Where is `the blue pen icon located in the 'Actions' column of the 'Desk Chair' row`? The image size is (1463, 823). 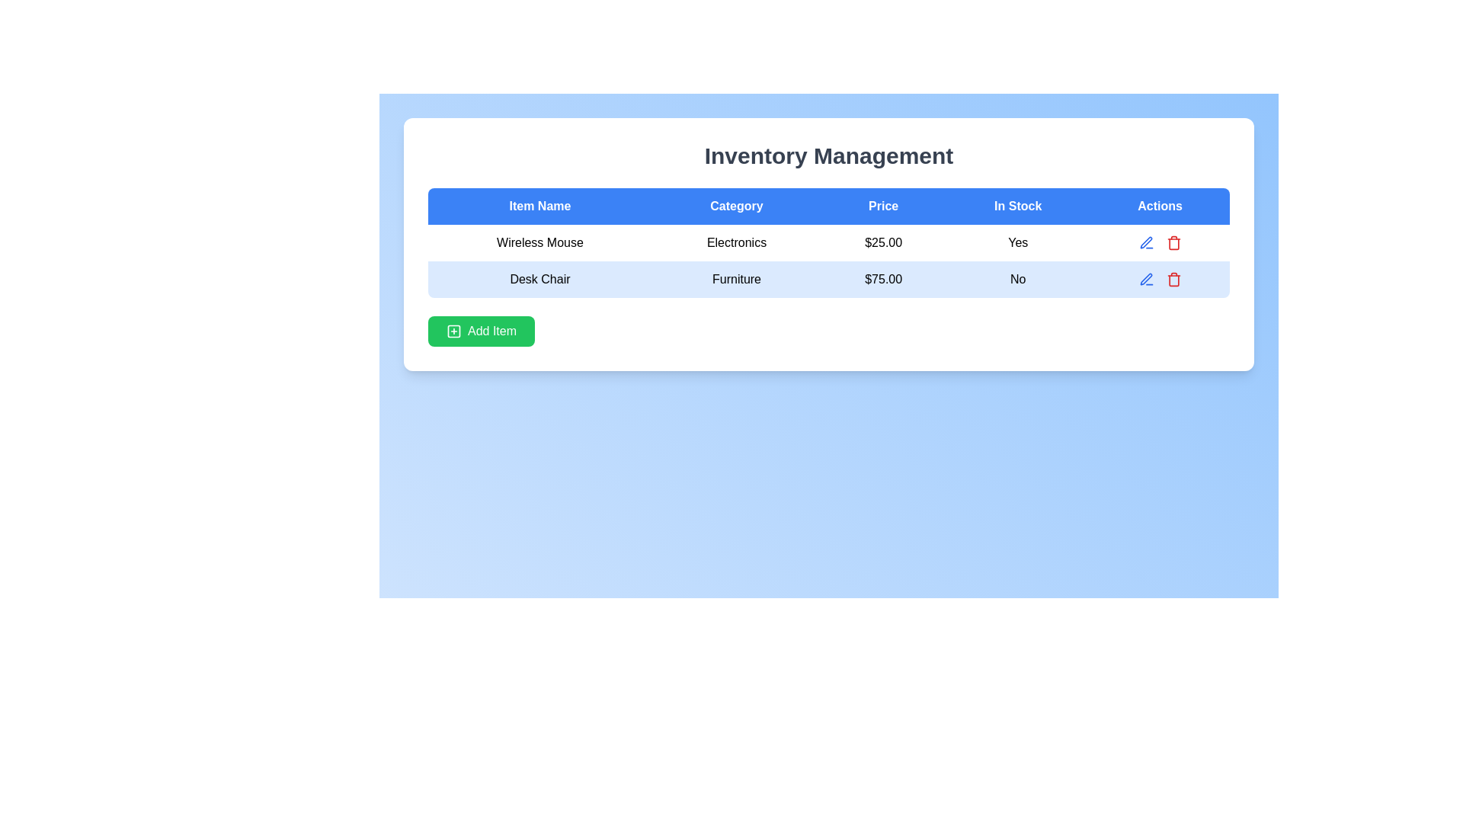
the blue pen icon located in the 'Actions' column of the 'Desk Chair' row is located at coordinates (1146, 242).